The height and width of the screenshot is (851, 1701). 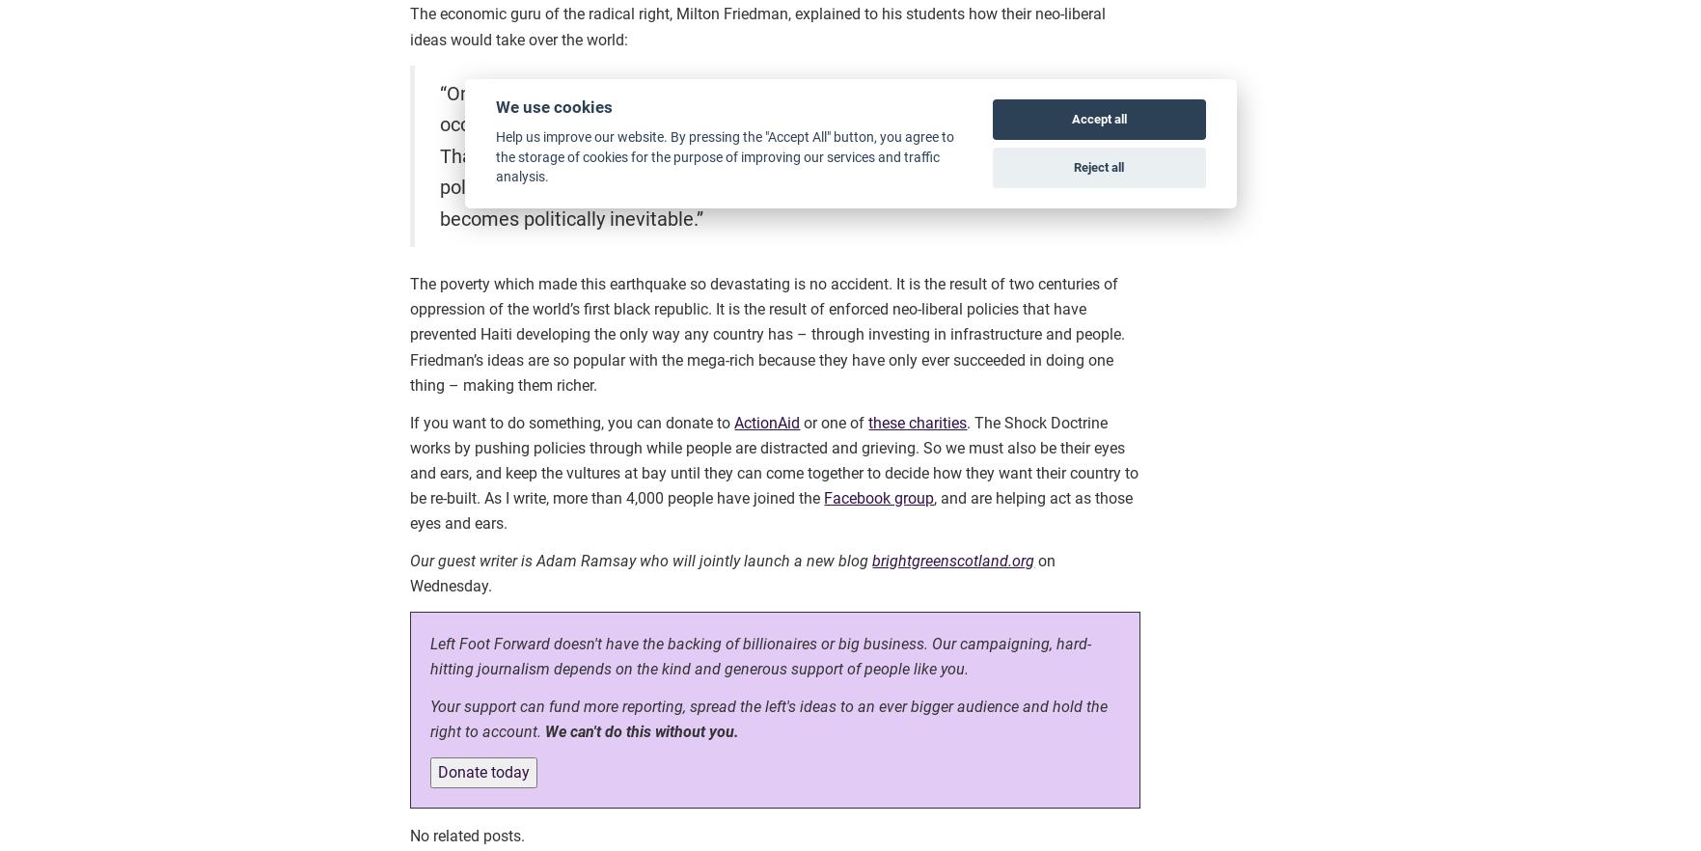 I want to click on 'on Wednesday.', so click(x=732, y=572).